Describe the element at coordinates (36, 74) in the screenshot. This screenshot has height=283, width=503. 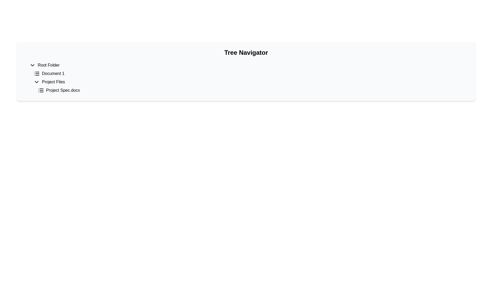
I see `the small list icon located to the left of the 'Document 1' label, which consists of three horizontal lines stacked vertically` at that location.